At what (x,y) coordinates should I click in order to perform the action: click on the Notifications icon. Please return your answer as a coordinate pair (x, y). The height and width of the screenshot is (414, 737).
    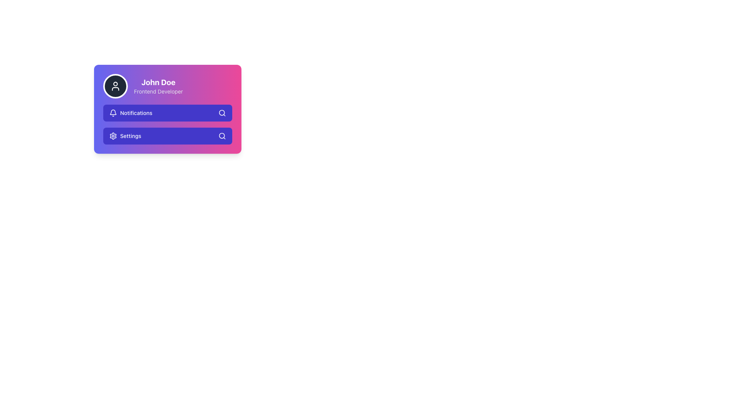
    Looking at the image, I should click on (112, 113).